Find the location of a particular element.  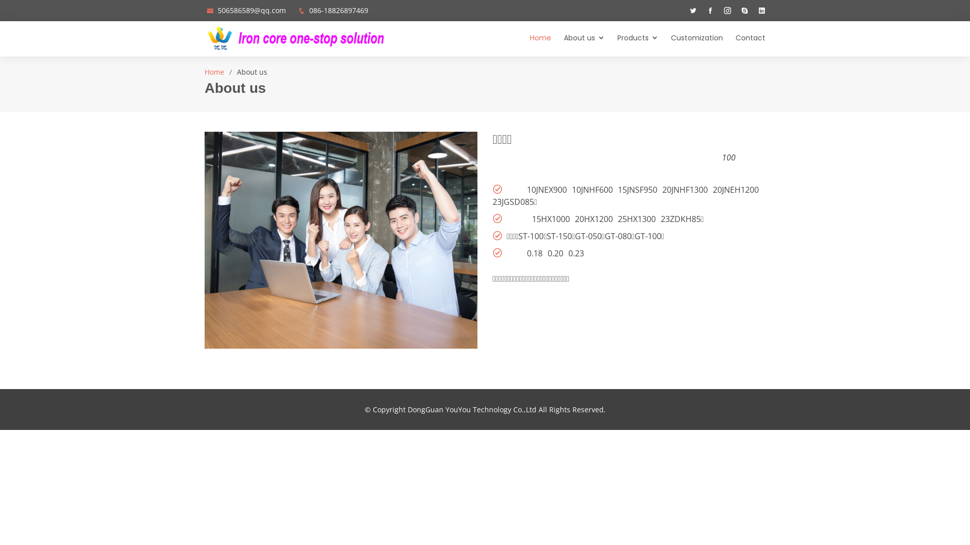

'About us' is located at coordinates (550, 38).